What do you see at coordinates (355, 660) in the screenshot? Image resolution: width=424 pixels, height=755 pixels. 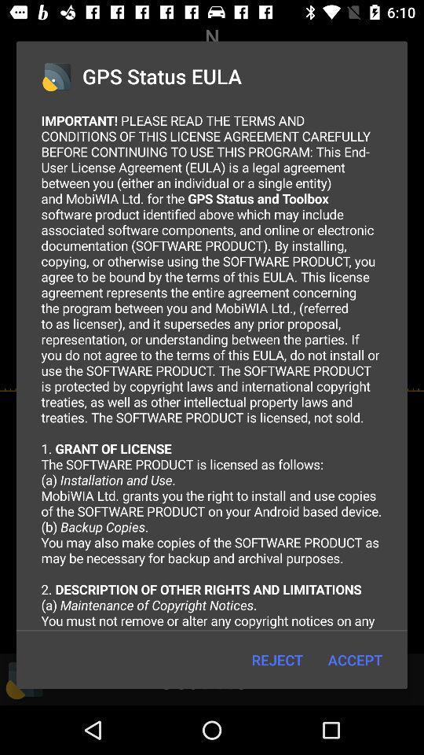 I see `the item at the bottom right corner` at bounding box center [355, 660].